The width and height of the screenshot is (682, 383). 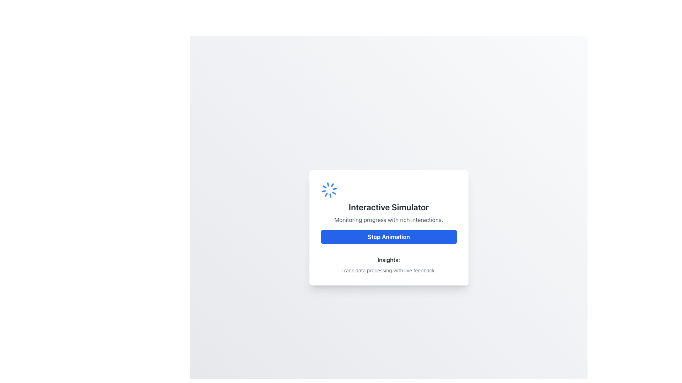 What do you see at coordinates (388, 219) in the screenshot?
I see `the static text labeled 'Monitoring progress with rich interactions.' which is centrally aligned within a white card interface, positioned below the title 'Interactive Simulator.'` at bounding box center [388, 219].